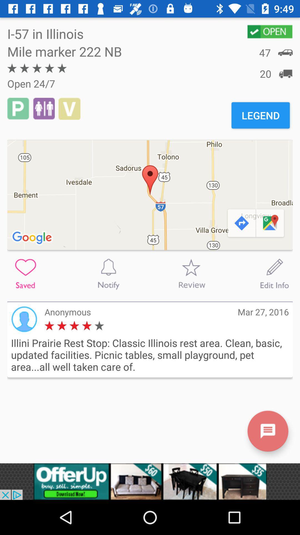 The image size is (300, 535). Describe the element at coordinates (267, 431) in the screenshot. I see `messeager` at that location.